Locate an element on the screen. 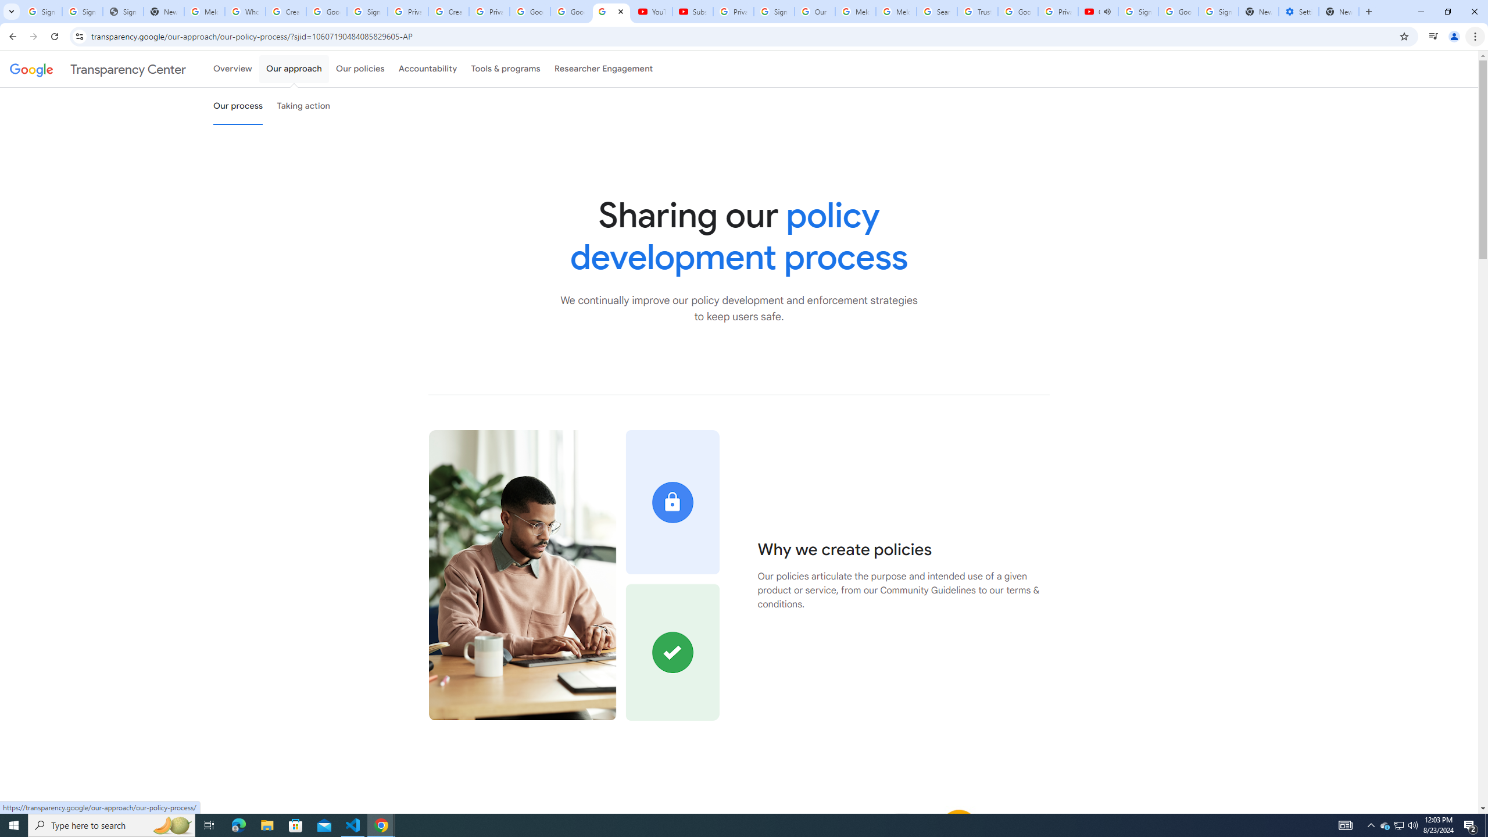 The width and height of the screenshot is (1488, 837). 'Our approach' is located at coordinates (294, 69).